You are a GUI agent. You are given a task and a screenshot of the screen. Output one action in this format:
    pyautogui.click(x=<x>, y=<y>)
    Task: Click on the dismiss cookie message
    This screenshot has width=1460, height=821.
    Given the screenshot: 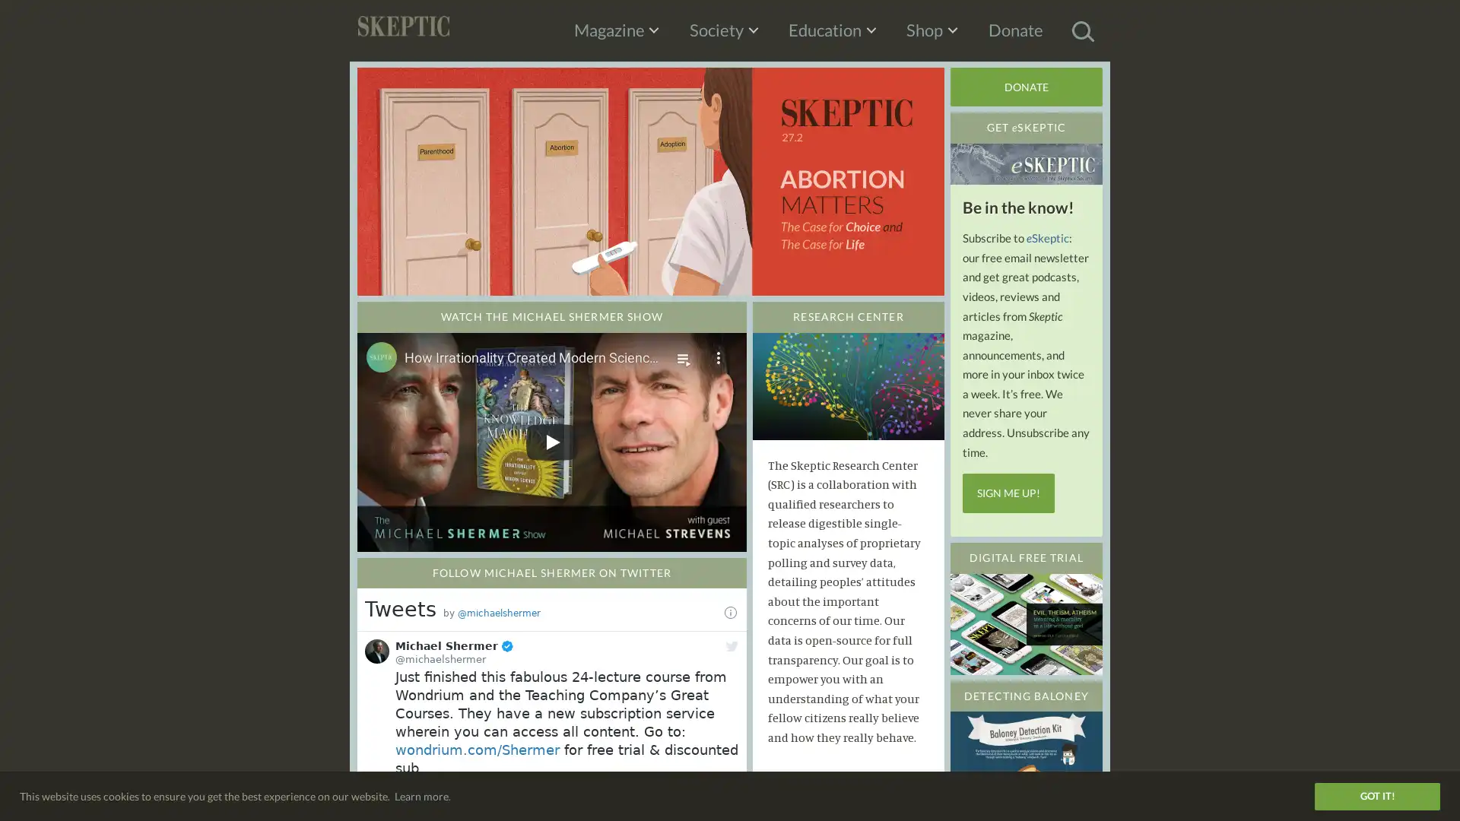 What is the action you would take?
    pyautogui.click(x=1377, y=794)
    